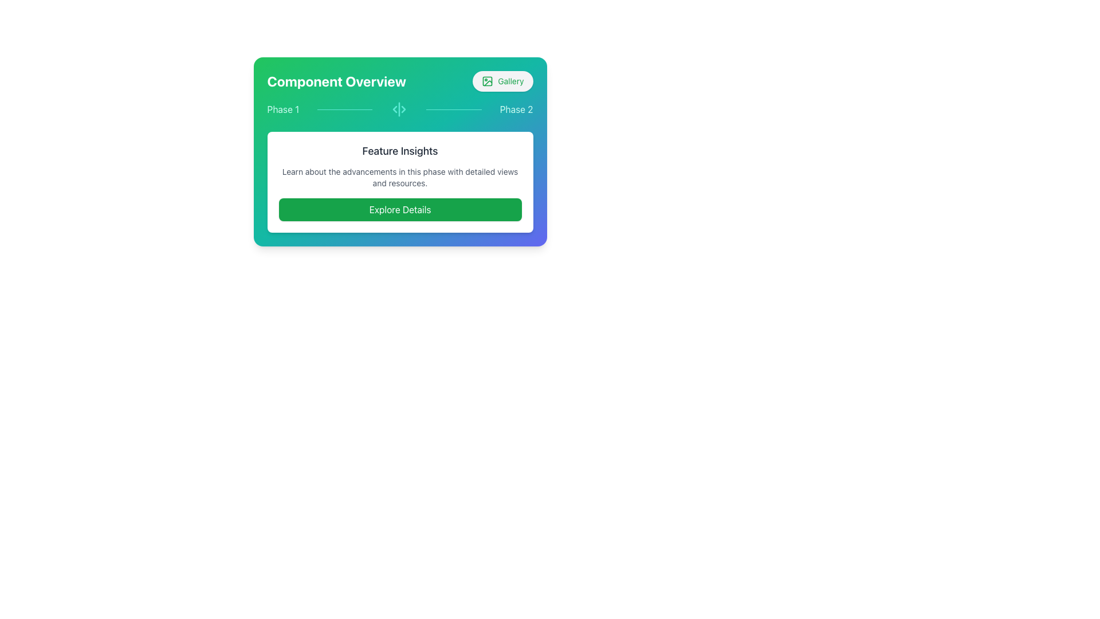  I want to click on the horizontal divider element with a light teal background, located between the 'Phase 1' text and an icon, so click(344, 109).